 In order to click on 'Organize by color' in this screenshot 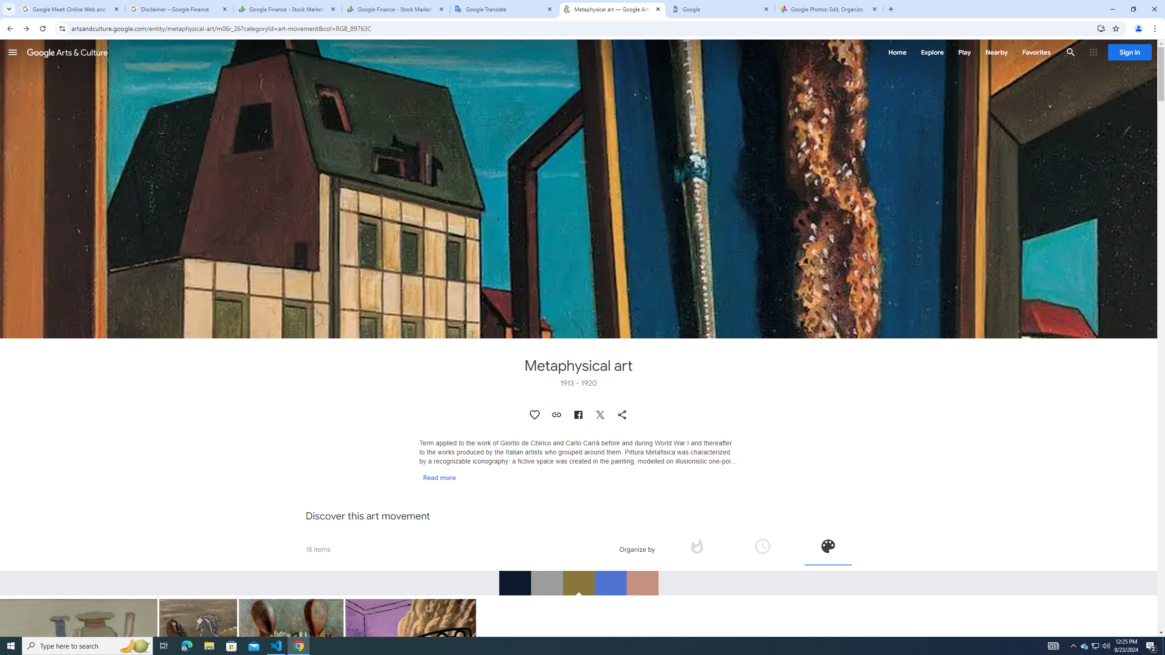, I will do `click(828, 545)`.